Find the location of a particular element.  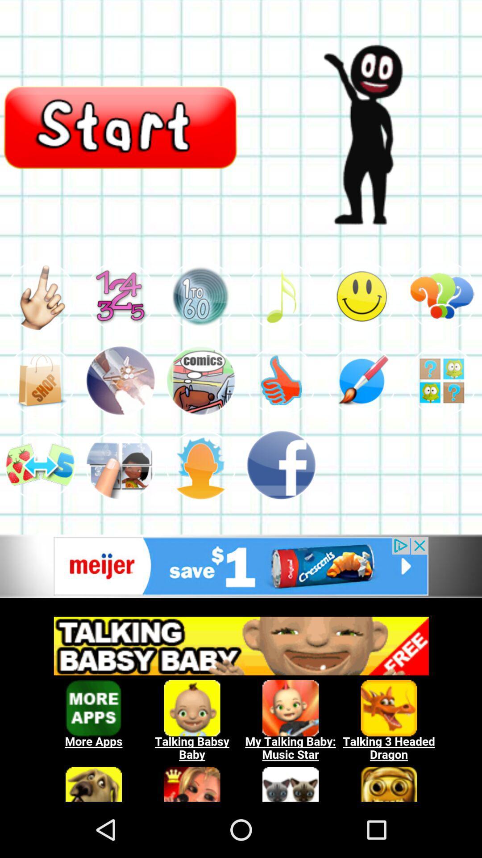

open advertisement is located at coordinates (241, 566).